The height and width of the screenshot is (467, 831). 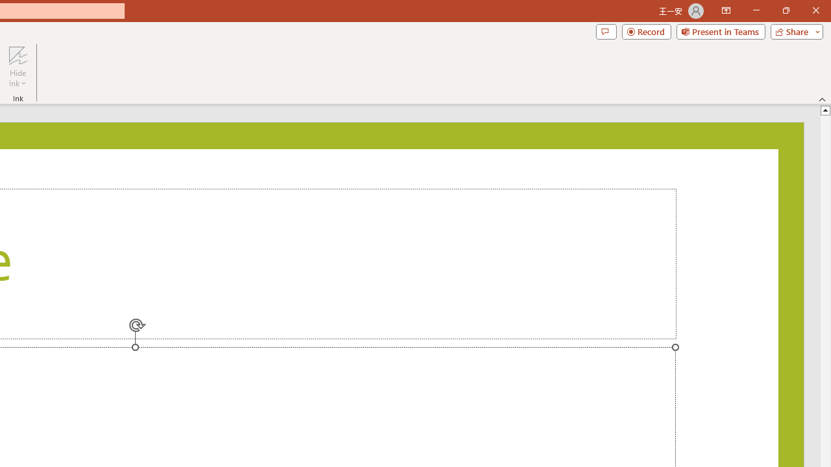 I want to click on 'Ribbon Display Options', so click(x=725, y=10).